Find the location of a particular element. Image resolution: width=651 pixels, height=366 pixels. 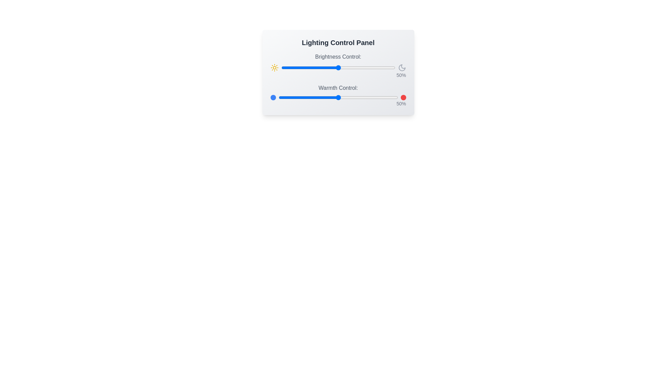

brightness is located at coordinates (288, 68).